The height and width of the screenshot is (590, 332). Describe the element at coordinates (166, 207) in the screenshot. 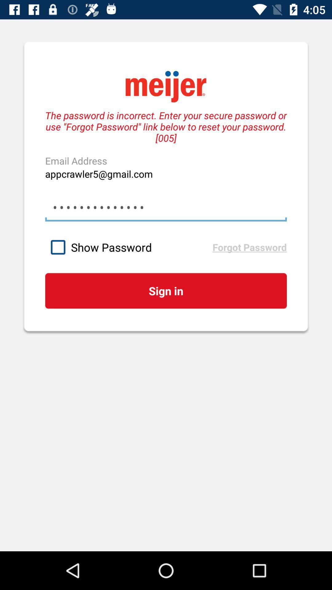

I see `icon below appcrawler5@gmail.com item` at that location.